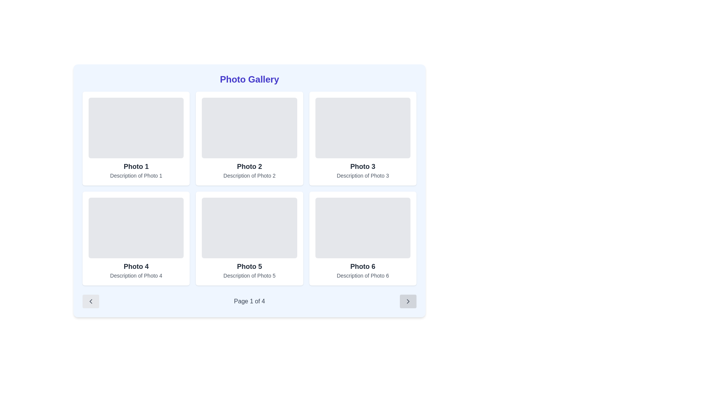  Describe the element at coordinates (249, 238) in the screenshot. I see `the photo gallery card located in the second row, middle column, which displays an image along with its title and description` at that location.